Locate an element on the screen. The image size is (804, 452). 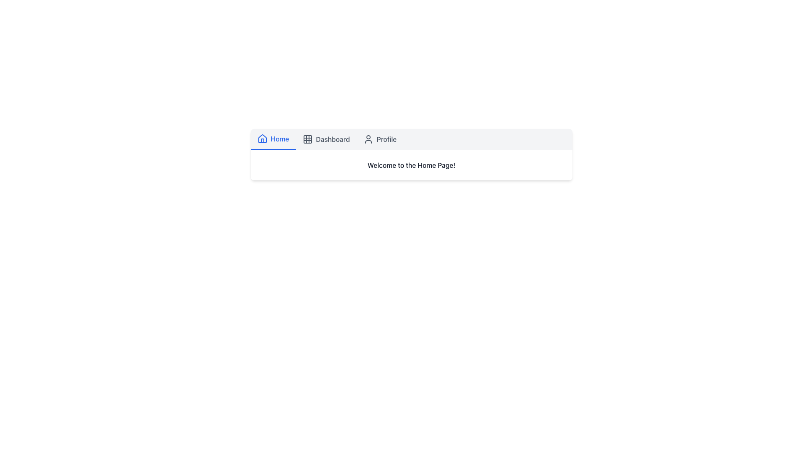
the profile icon in the navigation menu is located at coordinates (368, 139).